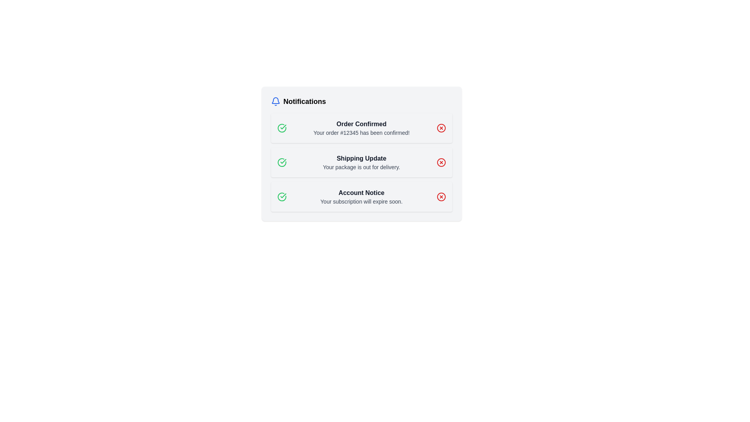 The height and width of the screenshot is (422, 750). What do you see at coordinates (275, 101) in the screenshot?
I see `the bell icon with a blue outline located next to the word 'Notifications' in the notifications section` at bounding box center [275, 101].